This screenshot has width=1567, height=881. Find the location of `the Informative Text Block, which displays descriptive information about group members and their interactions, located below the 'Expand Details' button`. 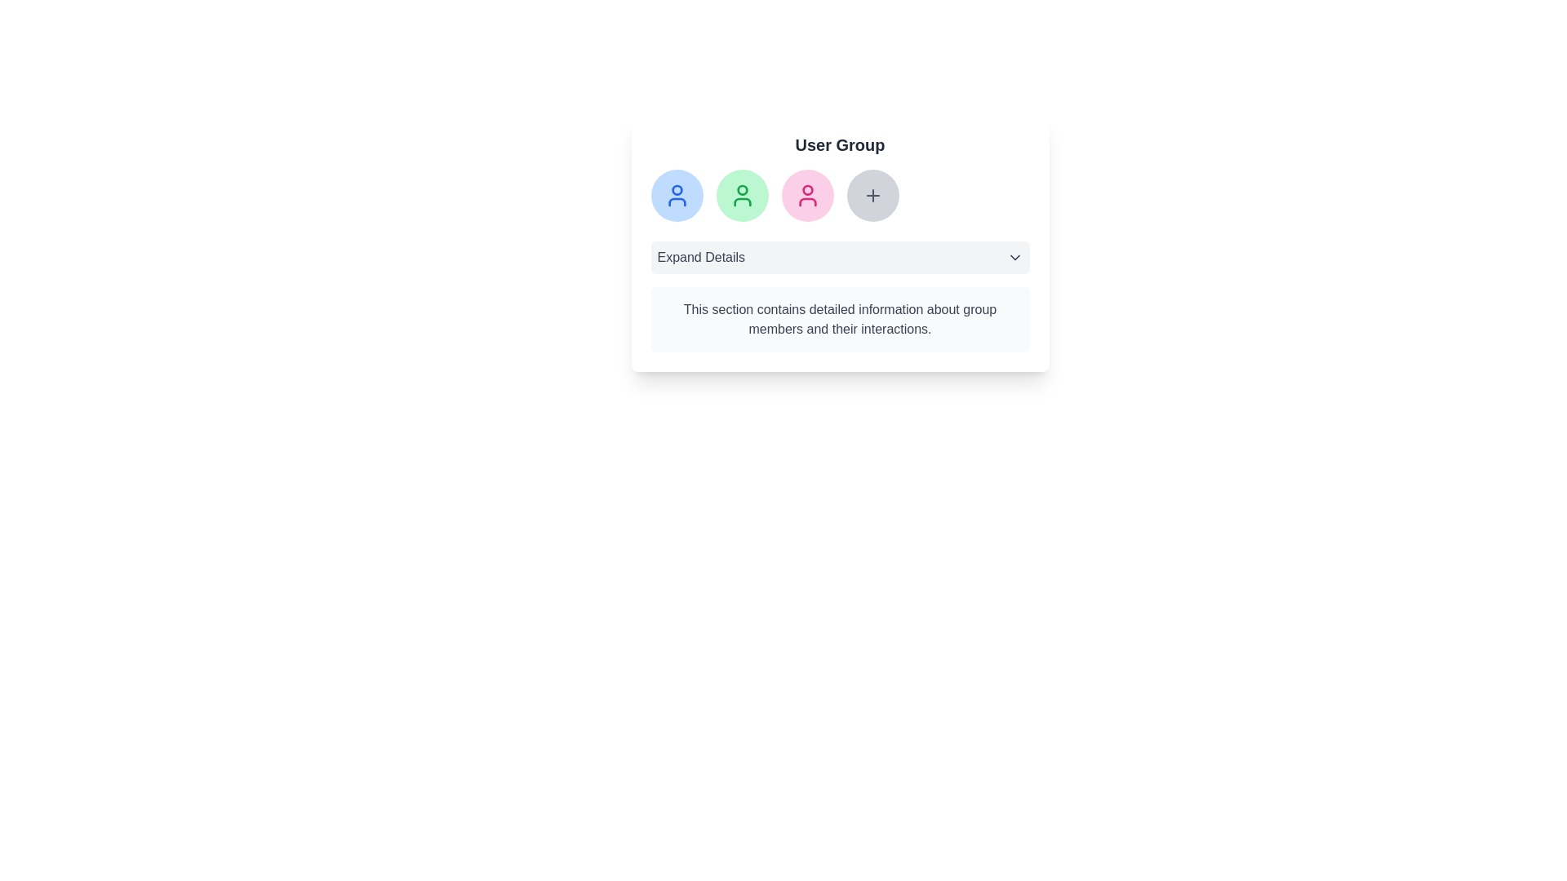

the Informative Text Block, which displays descriptive information about group members and their interactions, located below the 'Expand Details' button is located at coordinates (840, 320).